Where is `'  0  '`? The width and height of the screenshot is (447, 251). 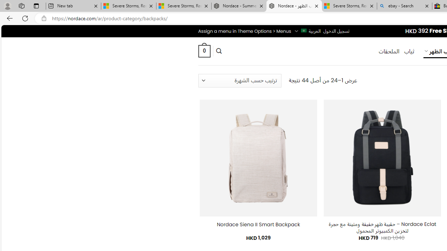 '  0  ' is located at coordinates (204, 51).